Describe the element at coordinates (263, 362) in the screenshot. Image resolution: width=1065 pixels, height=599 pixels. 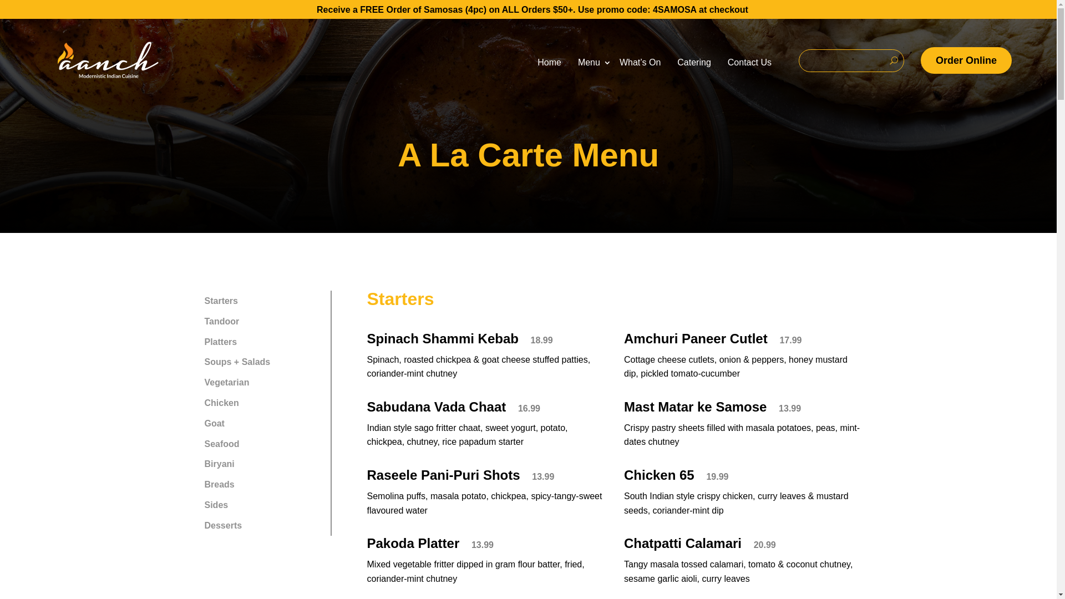
I see `'Soups + Salads'` at that location.